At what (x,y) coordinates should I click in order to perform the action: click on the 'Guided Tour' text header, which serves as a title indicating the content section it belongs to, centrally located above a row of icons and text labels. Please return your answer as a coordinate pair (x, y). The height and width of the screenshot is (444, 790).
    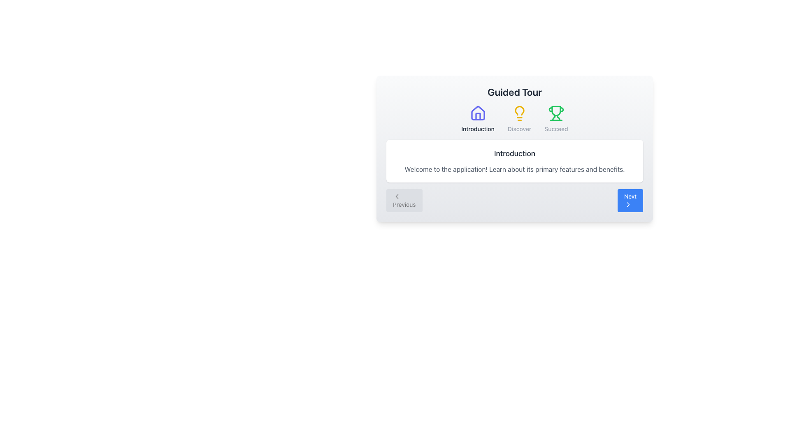
    Looking at the image, I should click on (514, 92).